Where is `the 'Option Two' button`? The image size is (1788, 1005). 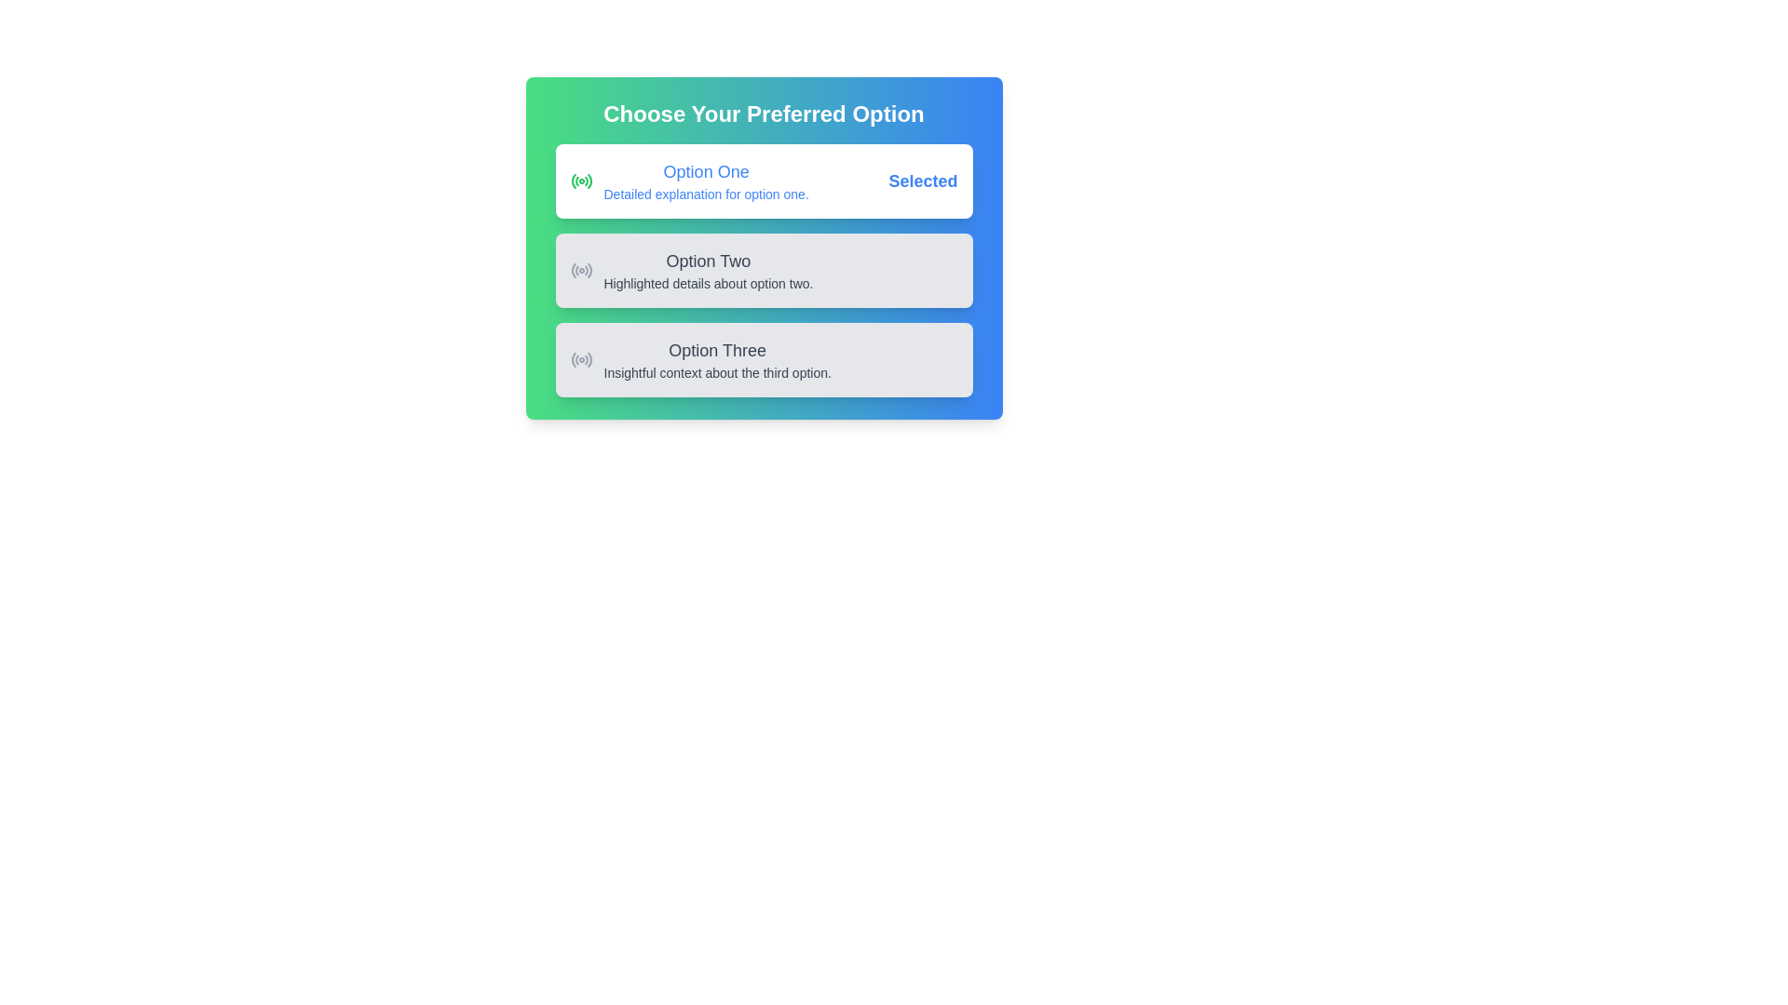
the 'Option Two' button is located at coordinates (764, 270).